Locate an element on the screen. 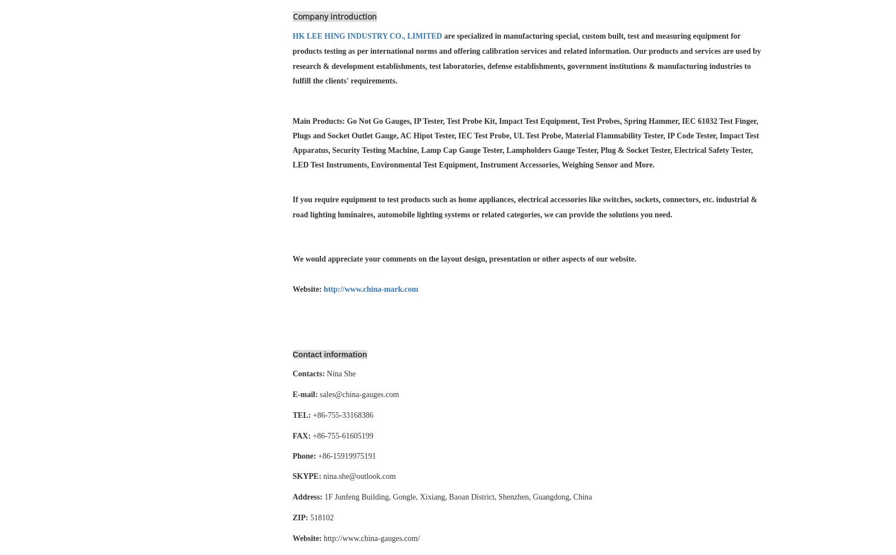 The width and height of the screenshot is (896, 555). 'TEL:' is located at coordinates (302, 414).